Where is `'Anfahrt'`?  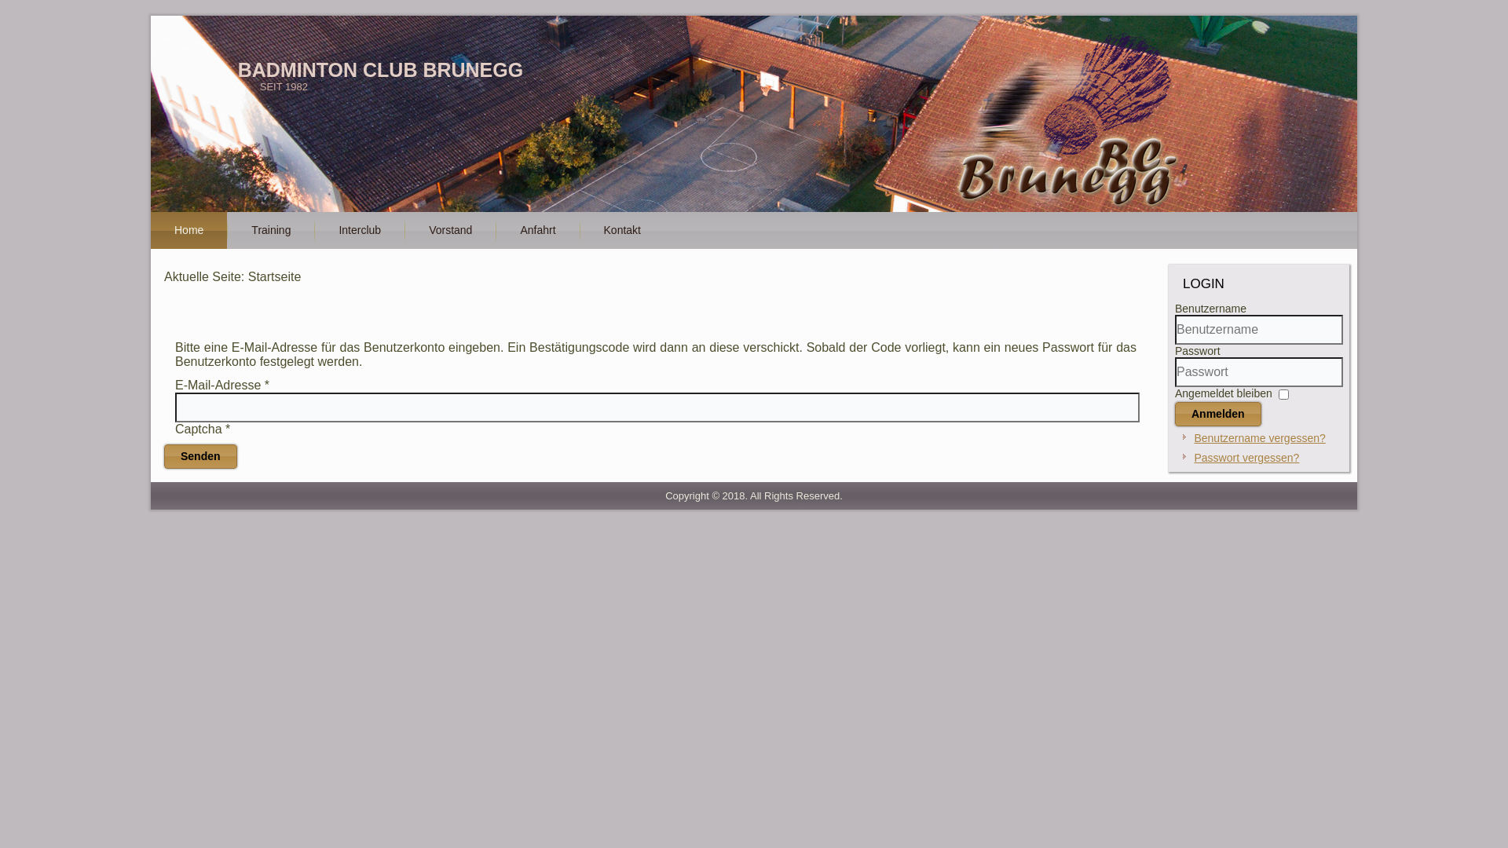 'Anfahrt' is located at coordinates (537, 230).